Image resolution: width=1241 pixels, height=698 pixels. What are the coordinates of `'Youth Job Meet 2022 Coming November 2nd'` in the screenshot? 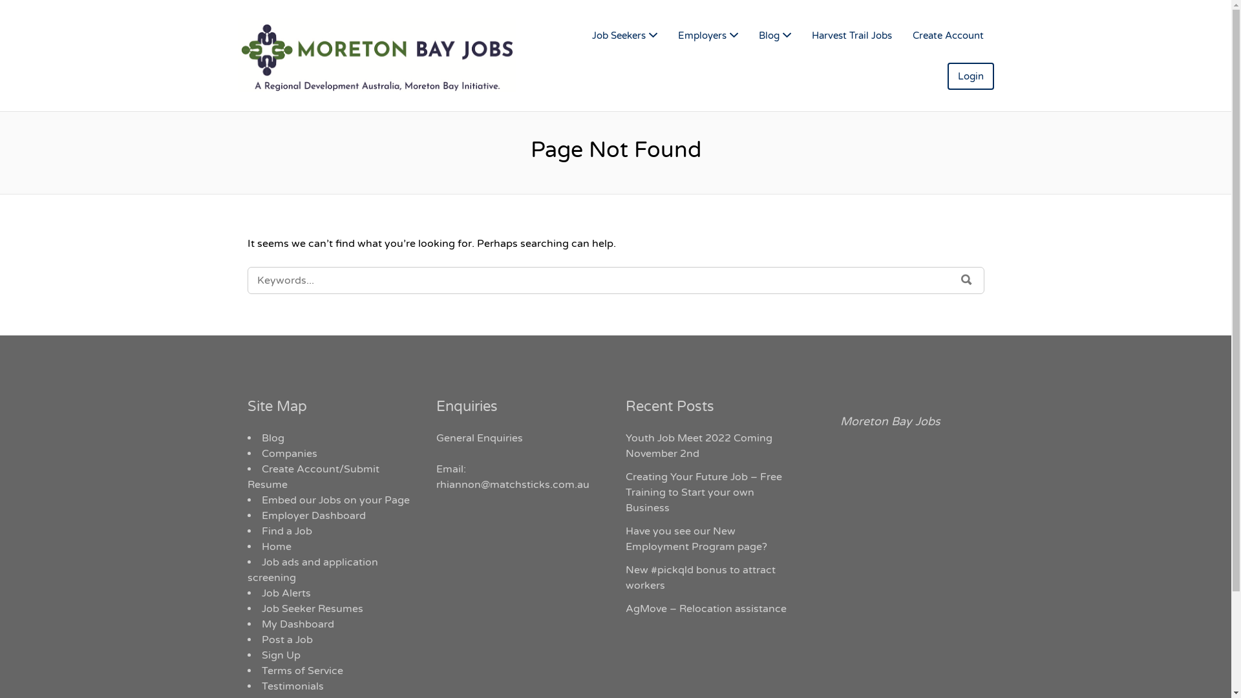 It's located at (626, 445).